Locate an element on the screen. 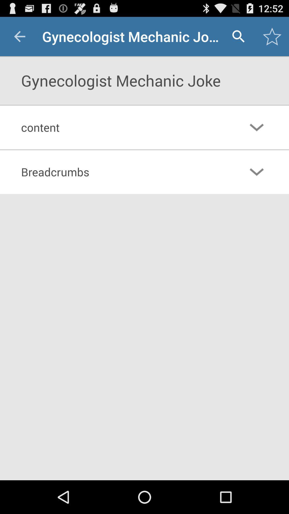 The width and height of the screenshot is (289, 514). icon at the top left corner is located at coordinates (19, 36).